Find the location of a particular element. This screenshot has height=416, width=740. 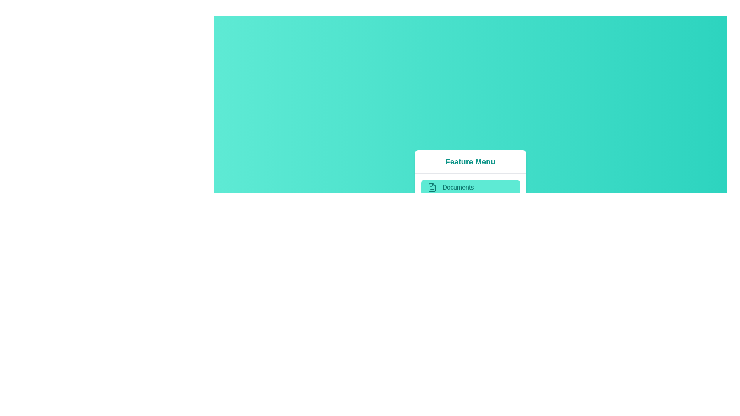

the document icon with a light teal background and a folded corner is located at coordinates (432, 187).